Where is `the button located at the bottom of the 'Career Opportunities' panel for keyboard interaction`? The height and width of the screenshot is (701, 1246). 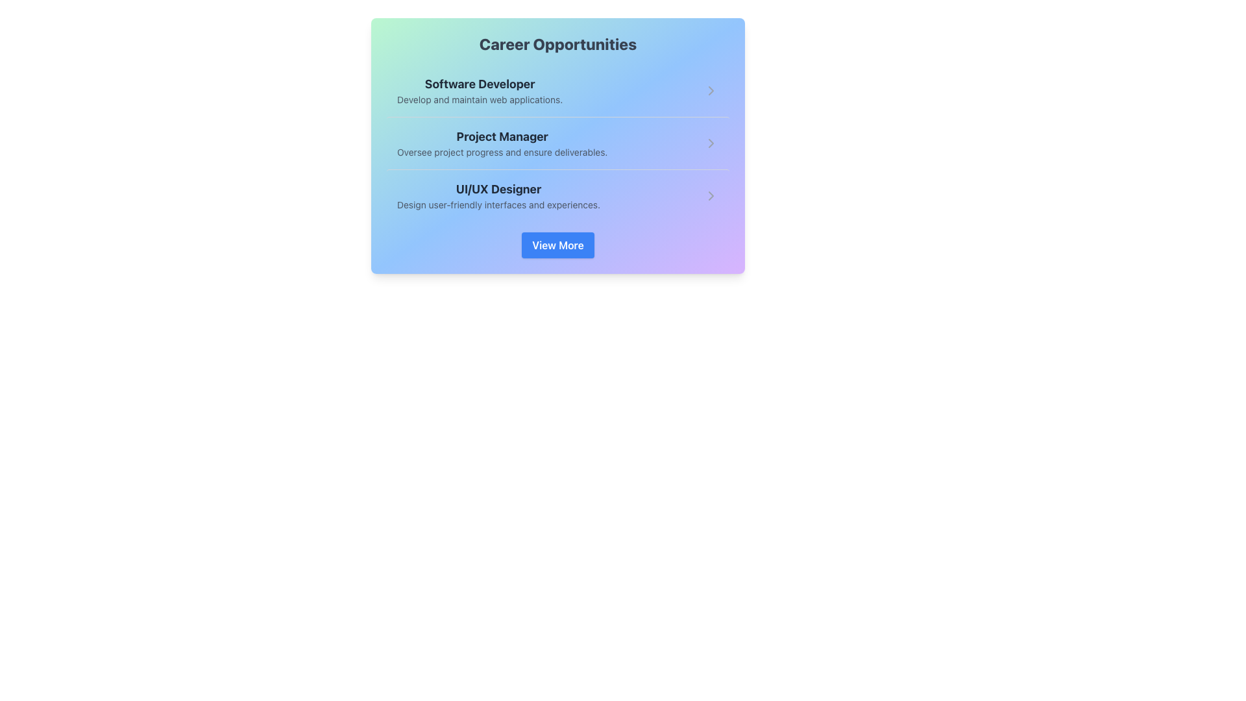
the button located at the bottom of the 'Career Opportunities' panel for keyboard interaction is located at coordinates (557, 245).